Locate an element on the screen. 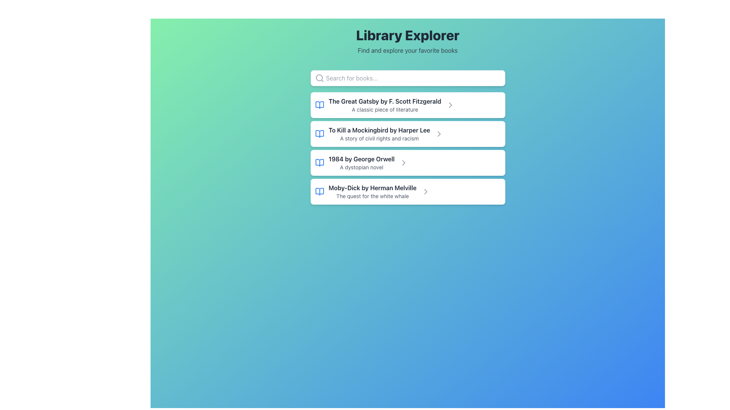 The image size is (730, 410). the circular gray magnifying glass icon located inside the search input field, just left of the placeholder text 'Search for books...' to interact with the decorative area is located at coordinates (319, 78).